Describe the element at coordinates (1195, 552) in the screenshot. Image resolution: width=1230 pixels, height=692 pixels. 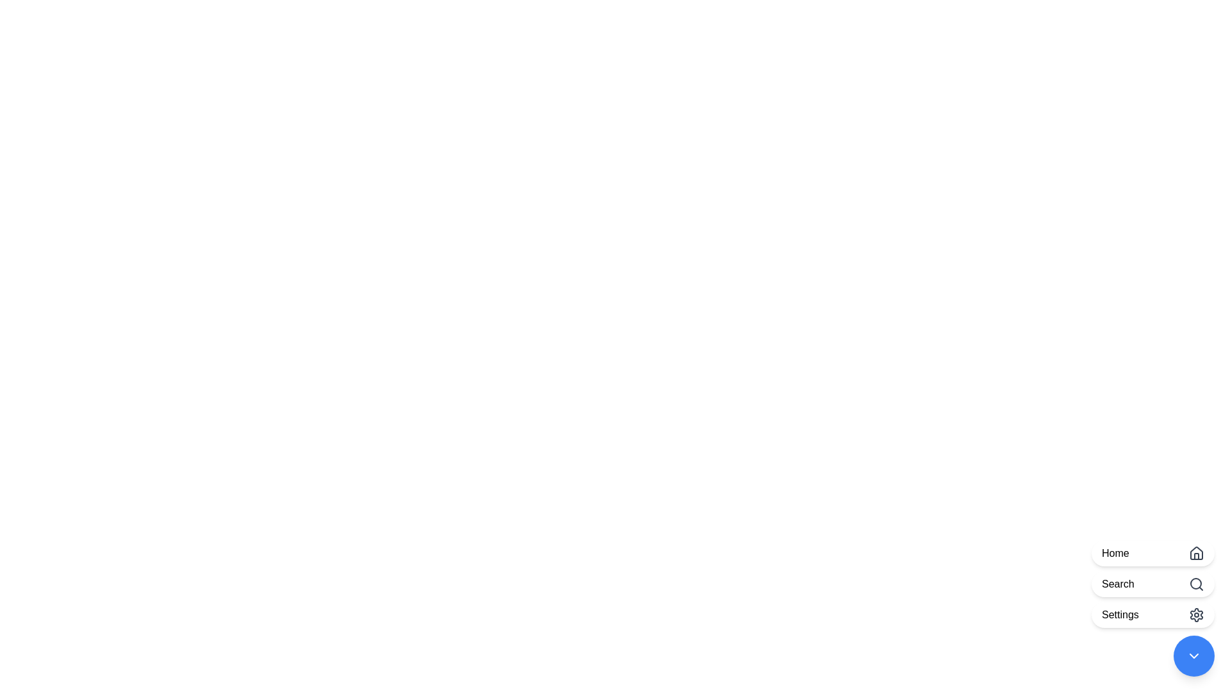
I see `the house icon in the vertical navigation menu` at that location.